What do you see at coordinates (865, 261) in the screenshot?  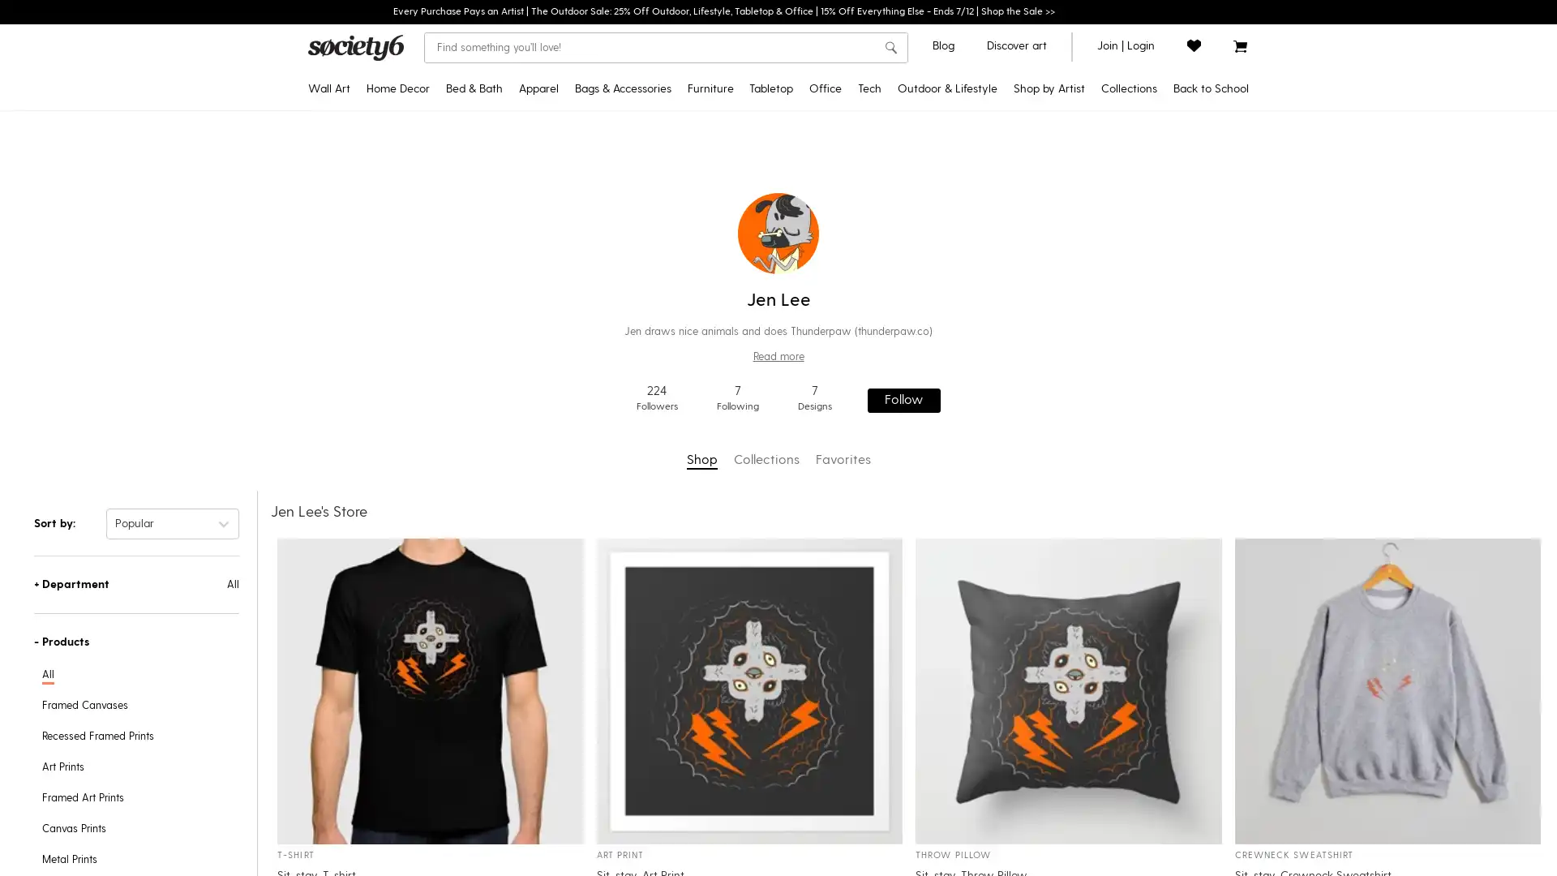 I see `Acrylic Boxes` at bounding box center [865, 261].